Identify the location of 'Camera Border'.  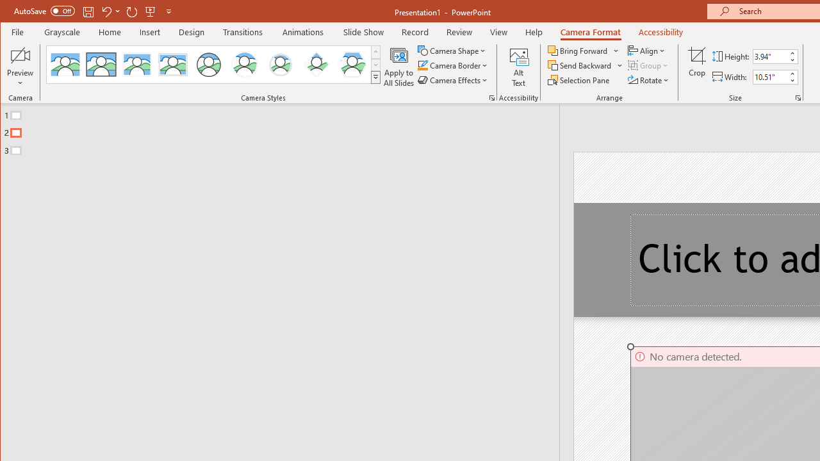
(453, 65).